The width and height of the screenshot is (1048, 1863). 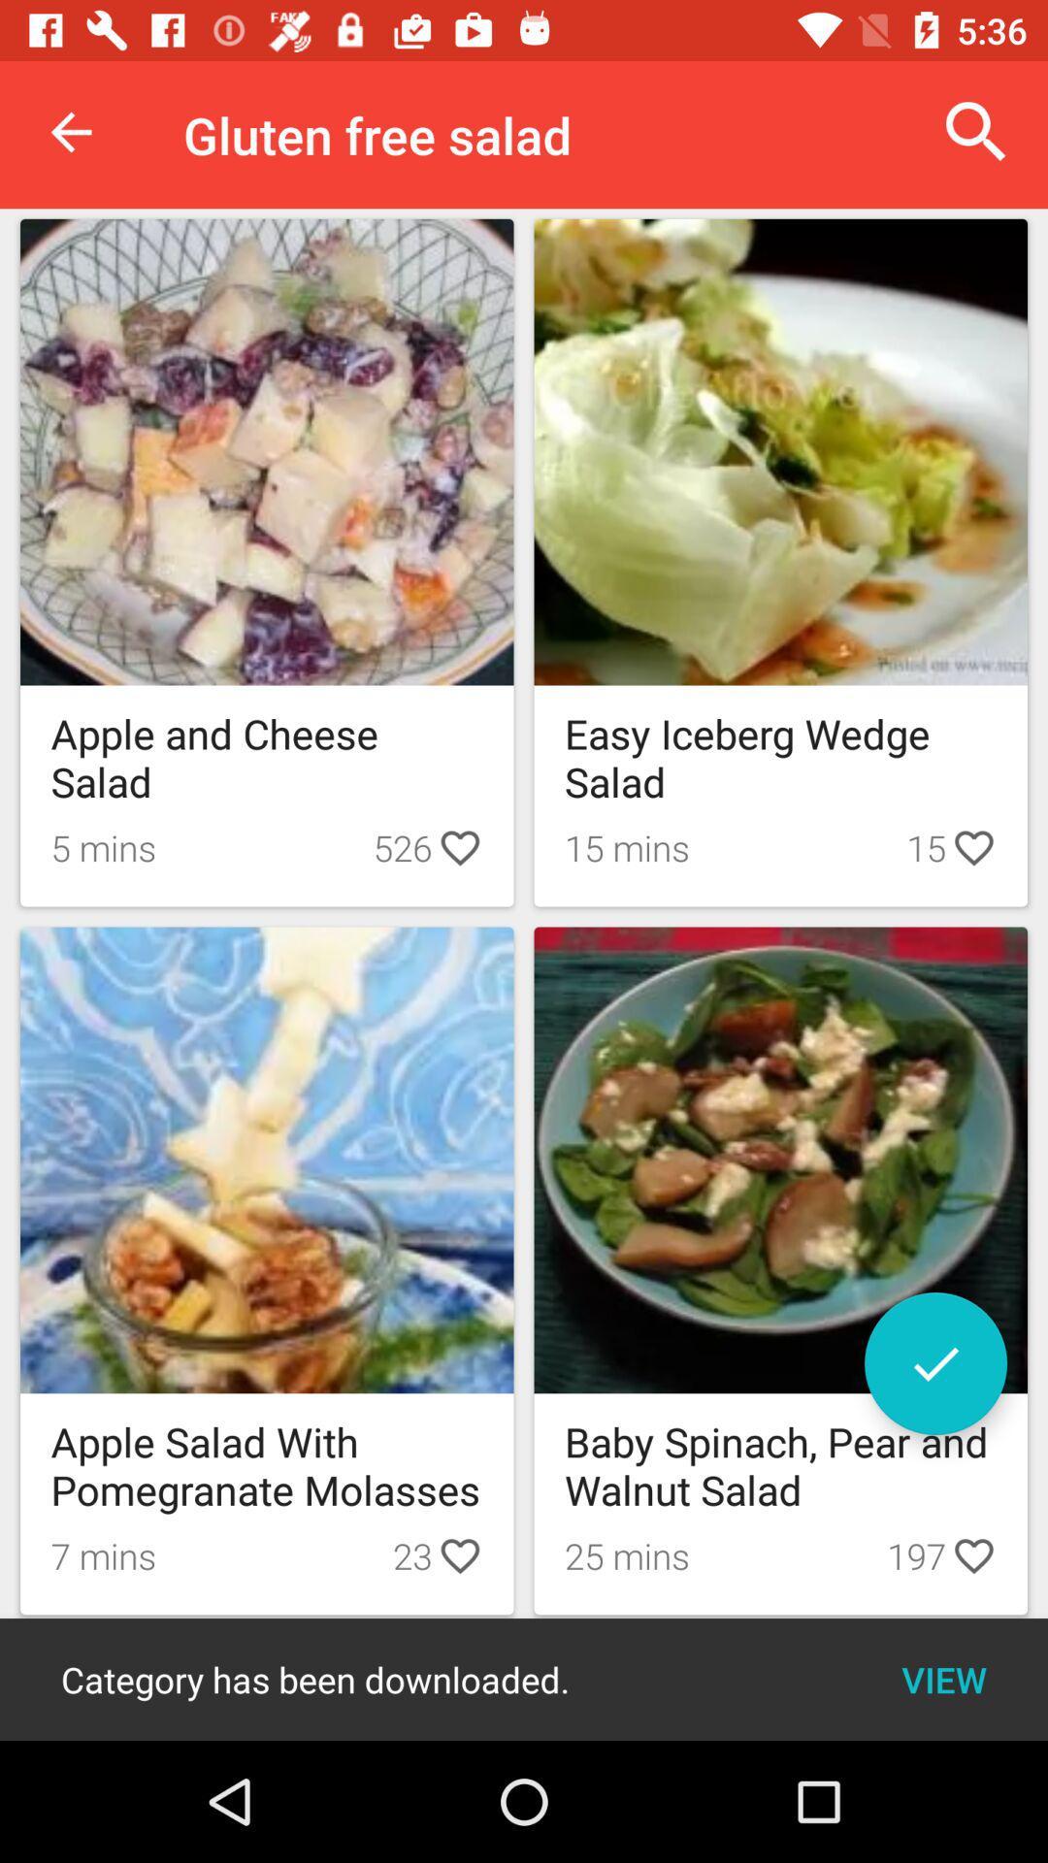 What do you see at coordinates (70, 131) in the screenshot?
I see `the icon next to gluten free salad item` at bounding box center [70, 131].